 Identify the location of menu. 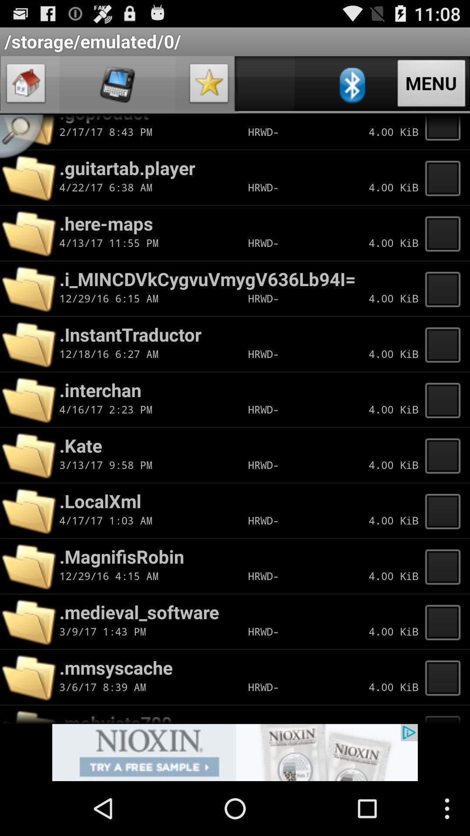
(445, 715).